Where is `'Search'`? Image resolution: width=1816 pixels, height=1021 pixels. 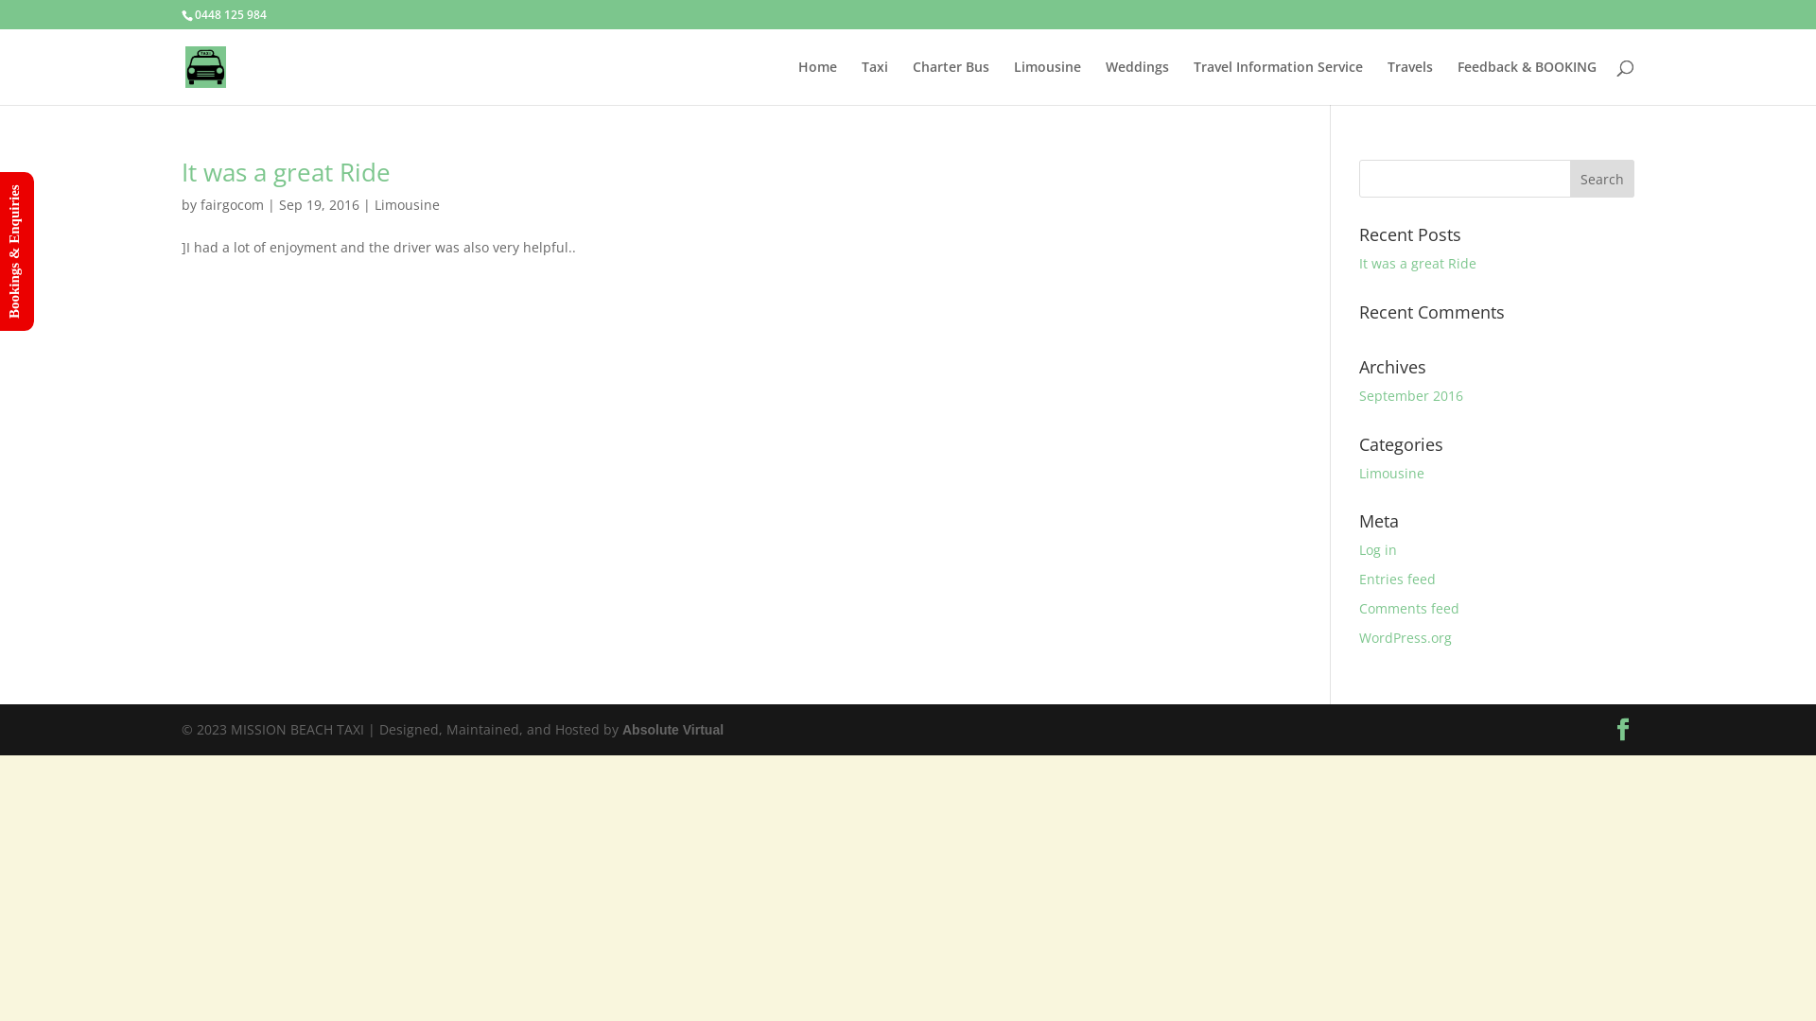 'Search' is located at coordinates (1601, 179).